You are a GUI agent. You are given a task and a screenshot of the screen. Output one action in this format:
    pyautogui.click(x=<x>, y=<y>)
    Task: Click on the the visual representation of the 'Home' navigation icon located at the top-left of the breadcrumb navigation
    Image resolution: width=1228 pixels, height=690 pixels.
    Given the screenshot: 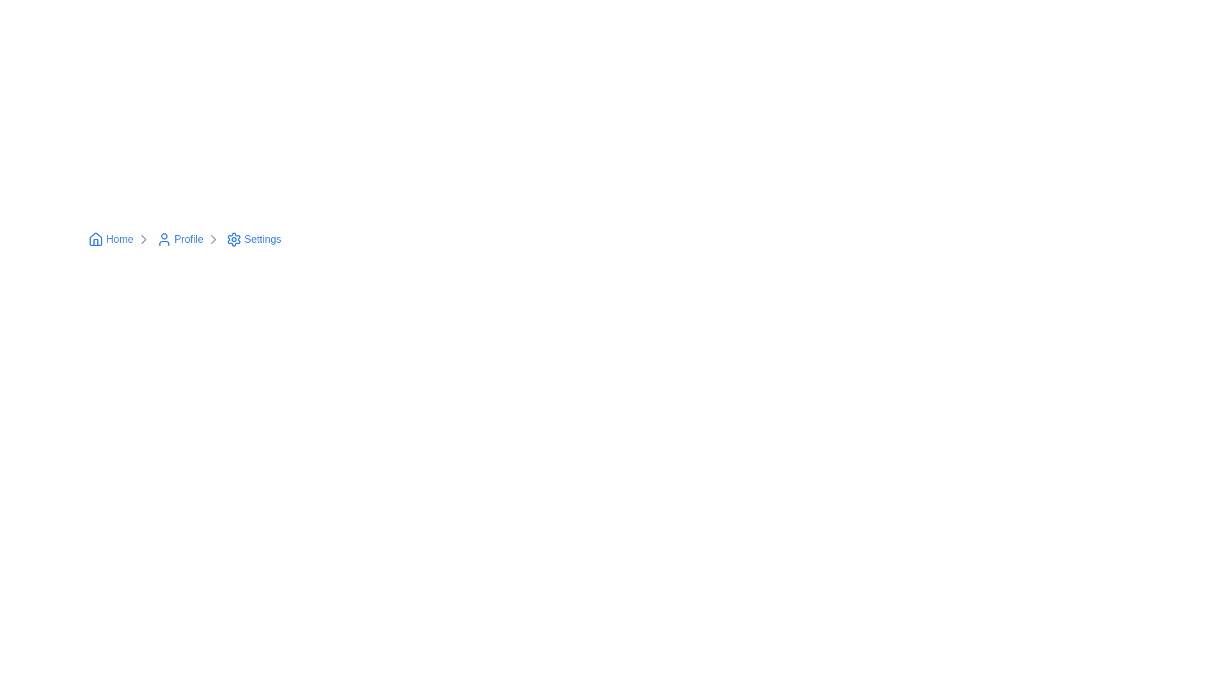 What is the action you would take?
    pyautogui.click(x=95, y=239)
    